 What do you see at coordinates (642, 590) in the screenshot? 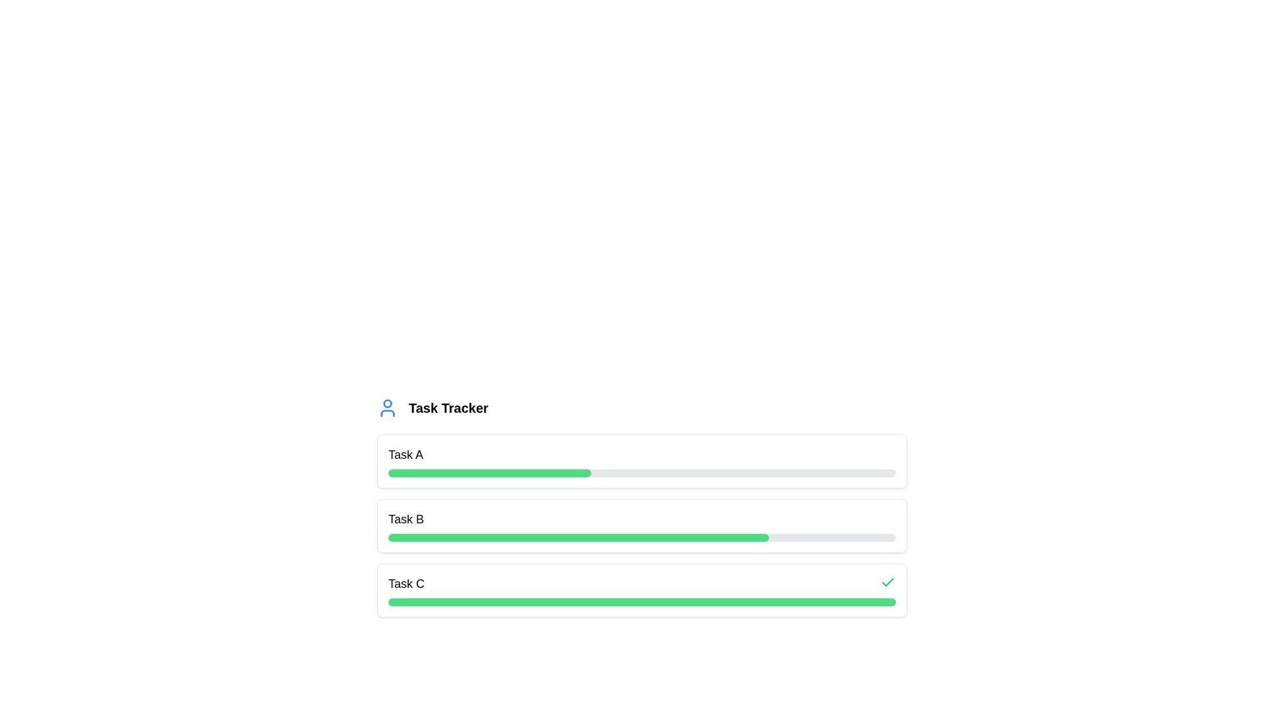
I see `the progress bar of the task card displaying 'Task C', which is the third card in a vertical stack of three cards` at bounding box center [642, 590].